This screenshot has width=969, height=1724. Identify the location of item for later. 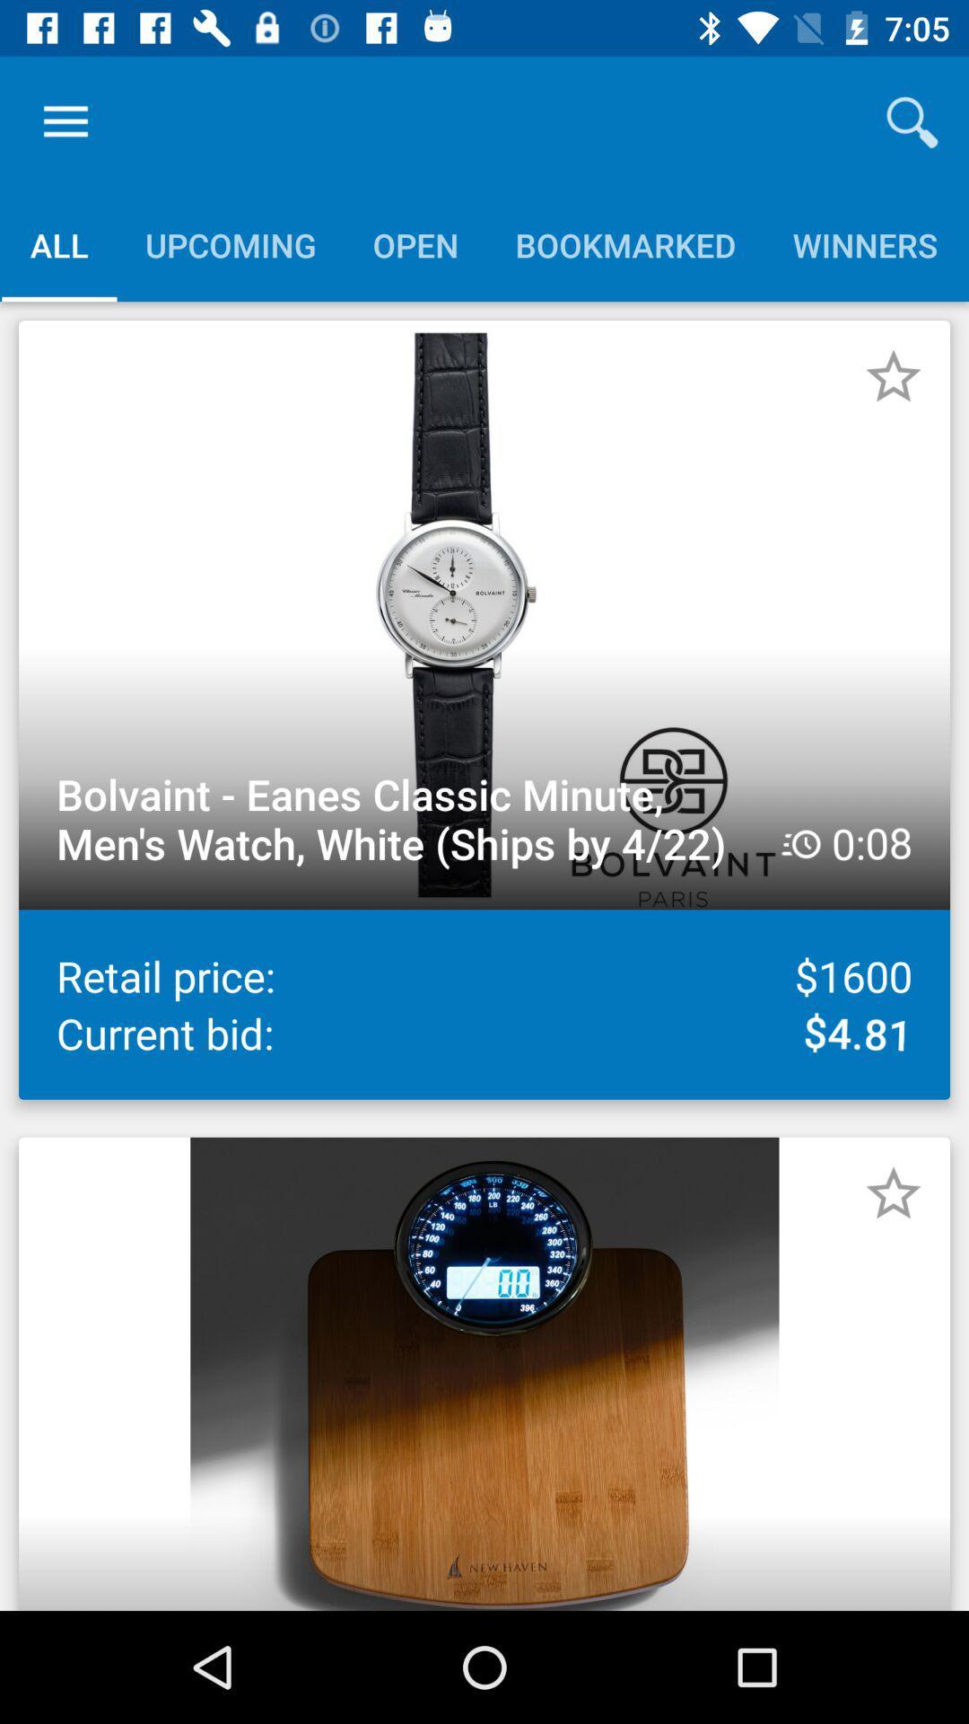
(893, 1193).